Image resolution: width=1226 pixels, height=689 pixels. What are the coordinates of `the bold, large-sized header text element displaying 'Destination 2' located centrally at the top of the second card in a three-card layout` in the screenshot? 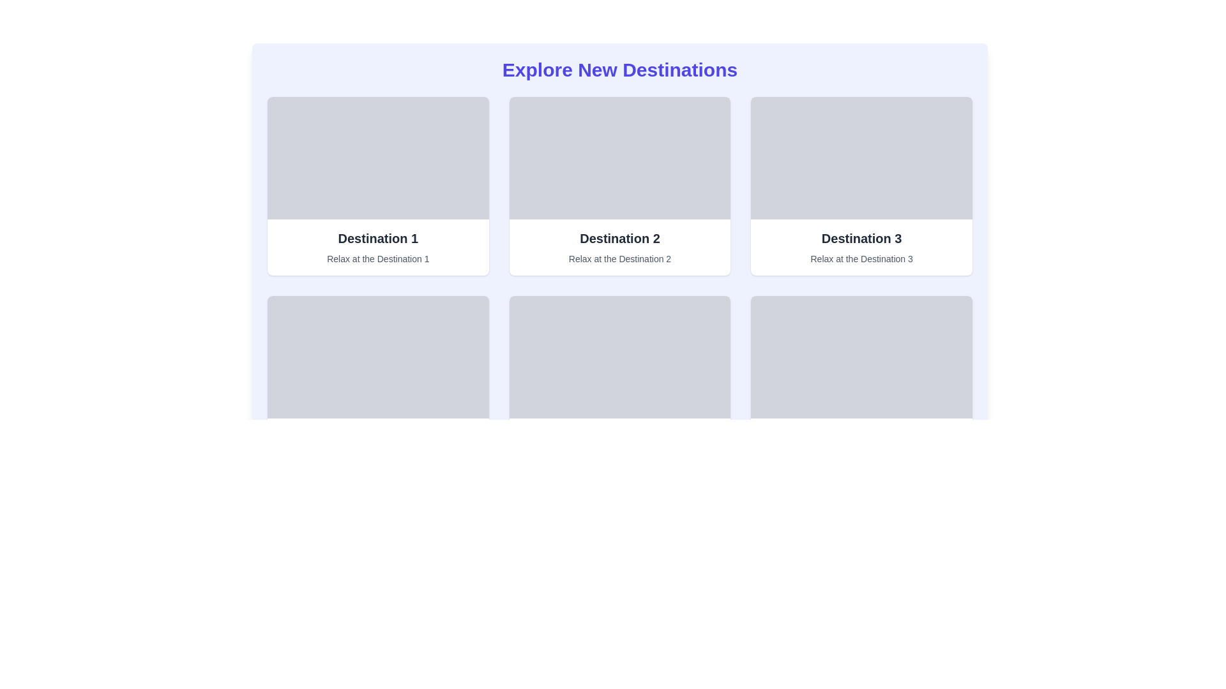 It's located at (619, 239).